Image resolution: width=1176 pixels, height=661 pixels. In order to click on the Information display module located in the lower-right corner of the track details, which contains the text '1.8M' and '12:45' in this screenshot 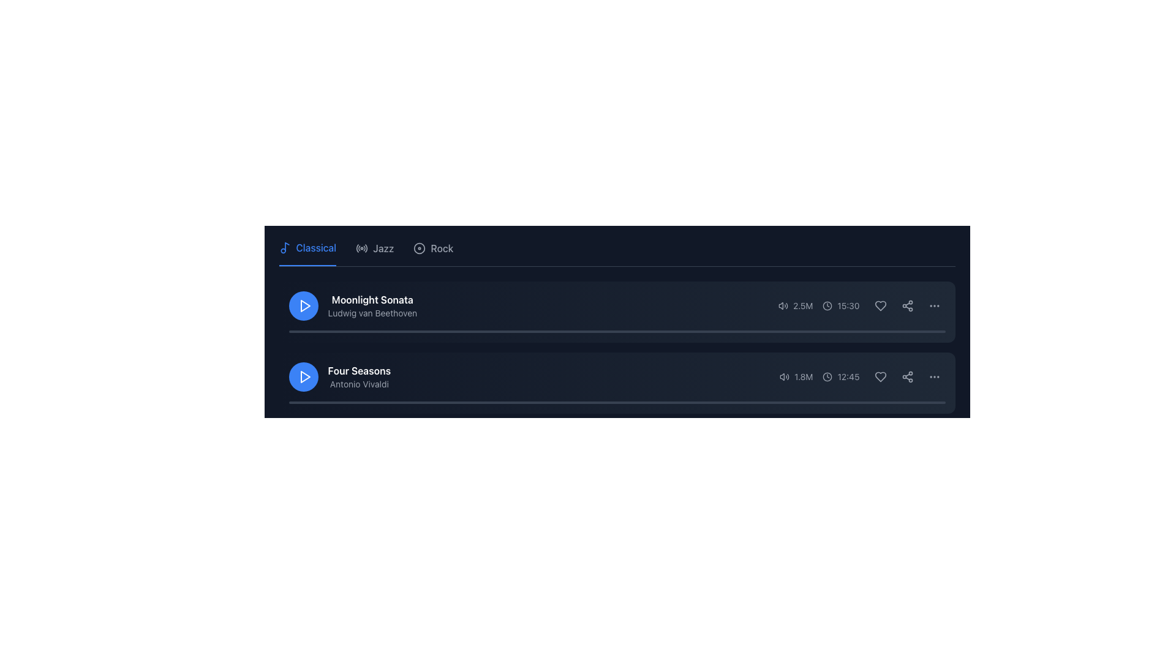, I will do `click(862, 376)`.